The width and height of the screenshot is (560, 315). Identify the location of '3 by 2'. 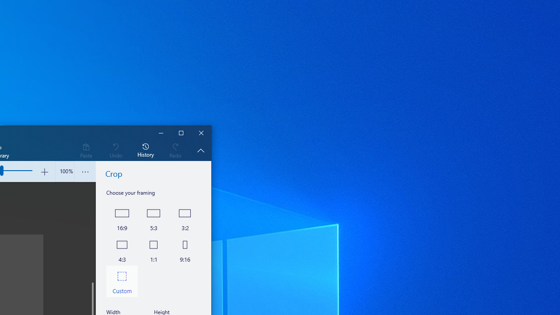
(185, 217).